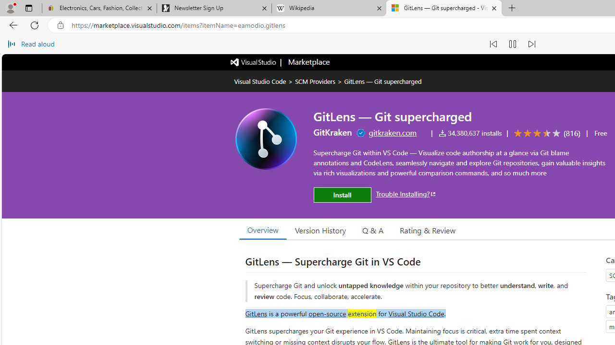  What do you see at coordinates (493, 44) in the screenshot?
I see `'Read previous paragraph'` at bounding box center [493, 44].